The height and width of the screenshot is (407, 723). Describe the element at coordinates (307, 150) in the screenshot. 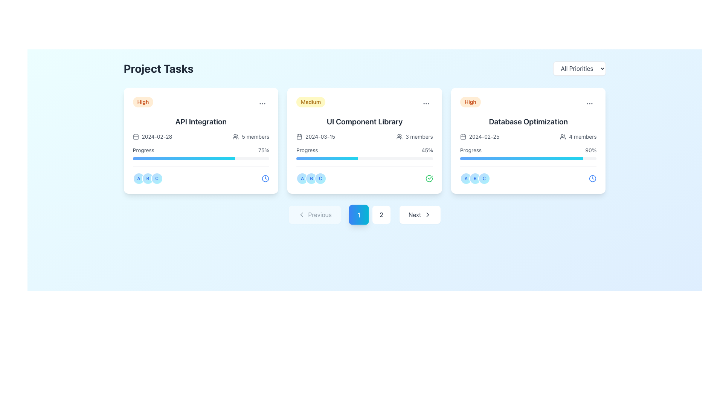

I see `the static text label displaying 'Progress' located above the progress bar in the UI Component Library card` at that location.